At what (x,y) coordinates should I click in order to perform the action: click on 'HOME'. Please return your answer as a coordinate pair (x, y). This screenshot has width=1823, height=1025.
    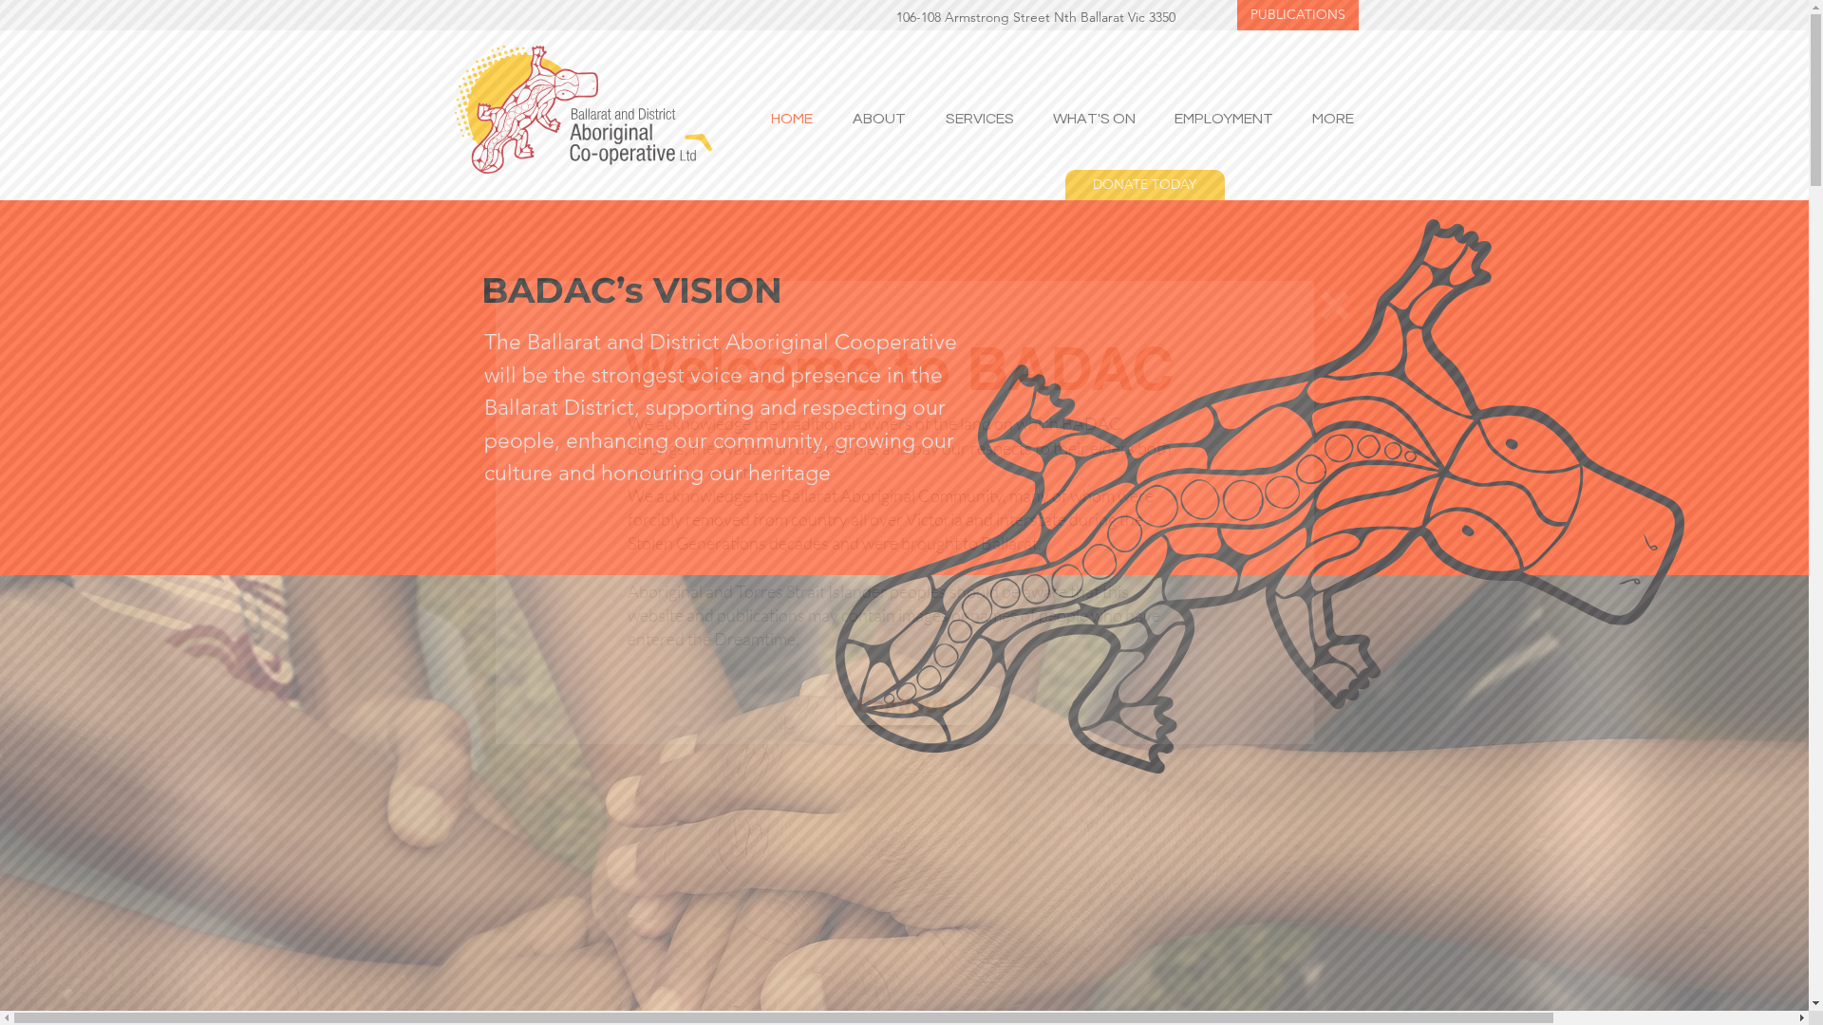
    Looking at the image, I should click on (784, 118).